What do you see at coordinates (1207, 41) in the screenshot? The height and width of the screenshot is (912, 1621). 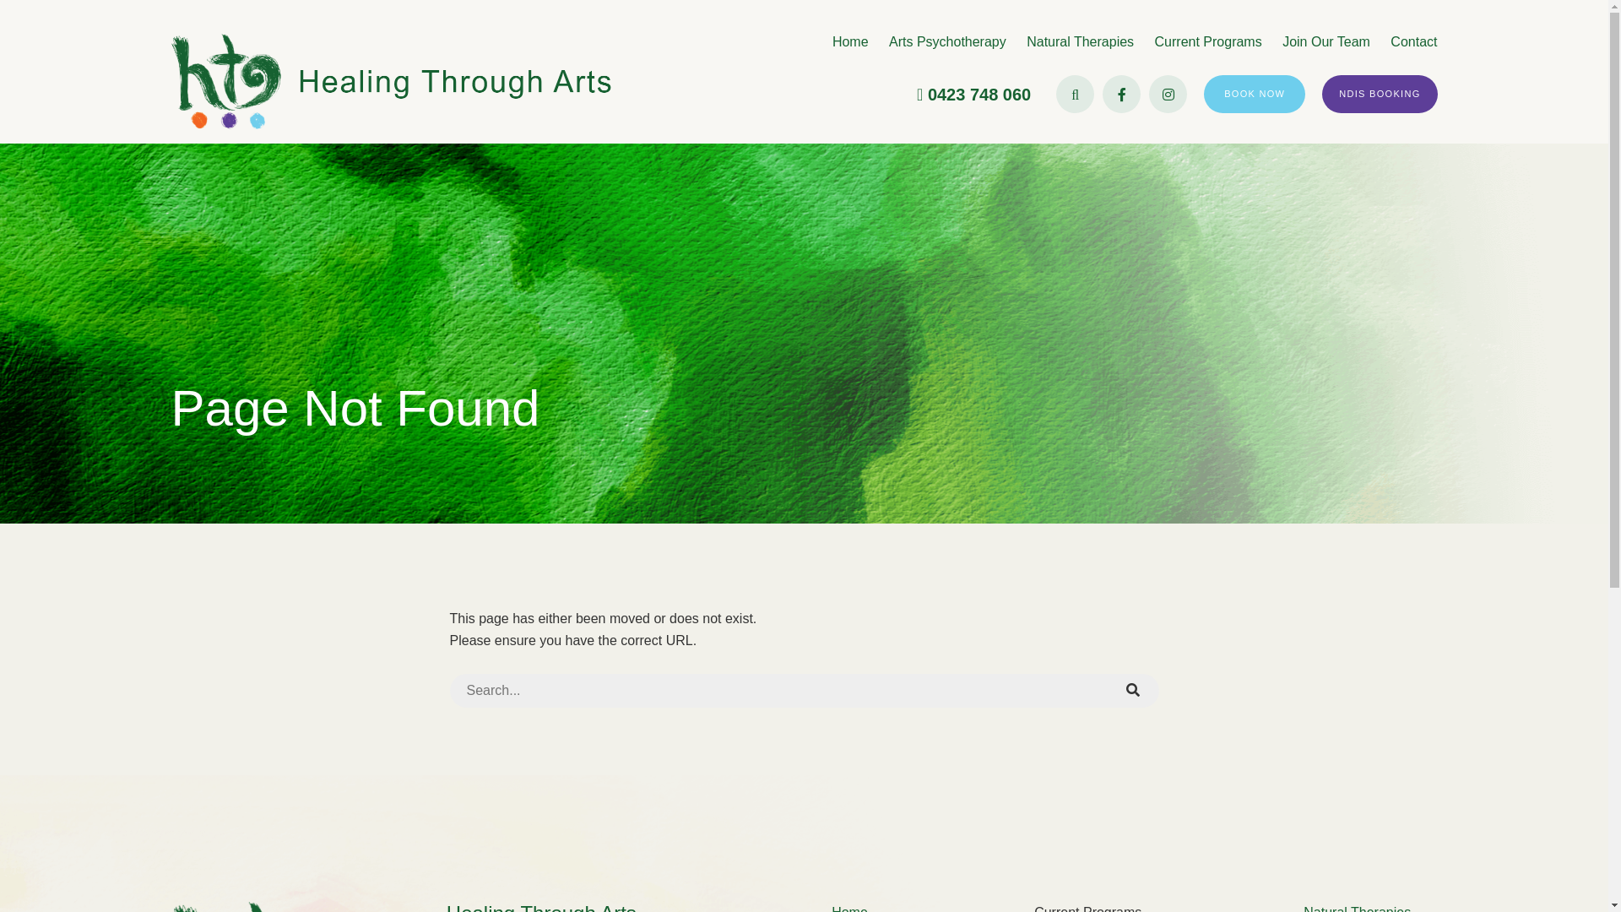 I see `'Current Programs'` at bounding box center [1207, 41].